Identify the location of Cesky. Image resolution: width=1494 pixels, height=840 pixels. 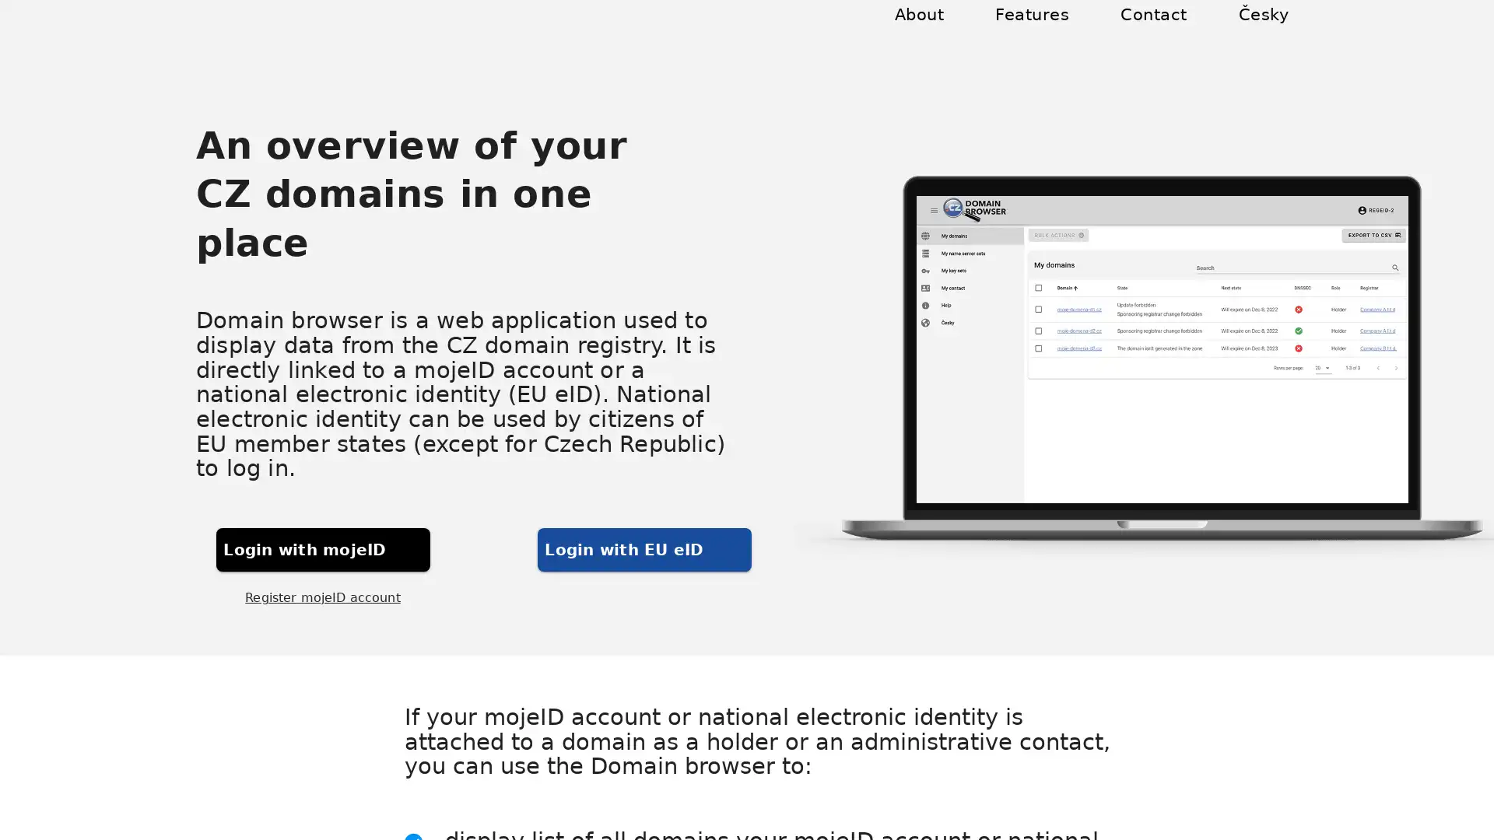
(1264, 33).